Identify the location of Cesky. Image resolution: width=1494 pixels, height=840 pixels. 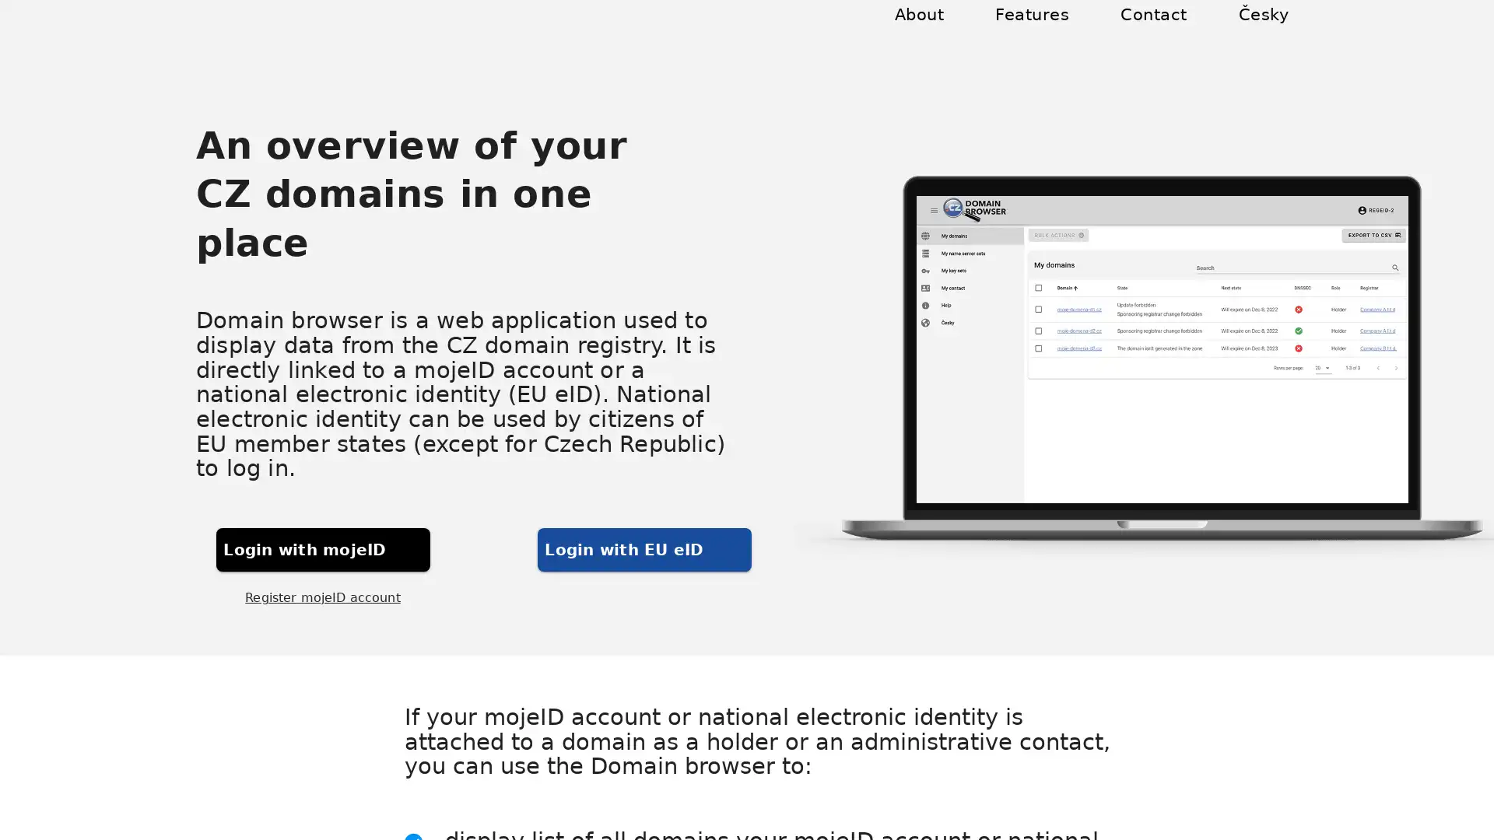
(1264, 33).